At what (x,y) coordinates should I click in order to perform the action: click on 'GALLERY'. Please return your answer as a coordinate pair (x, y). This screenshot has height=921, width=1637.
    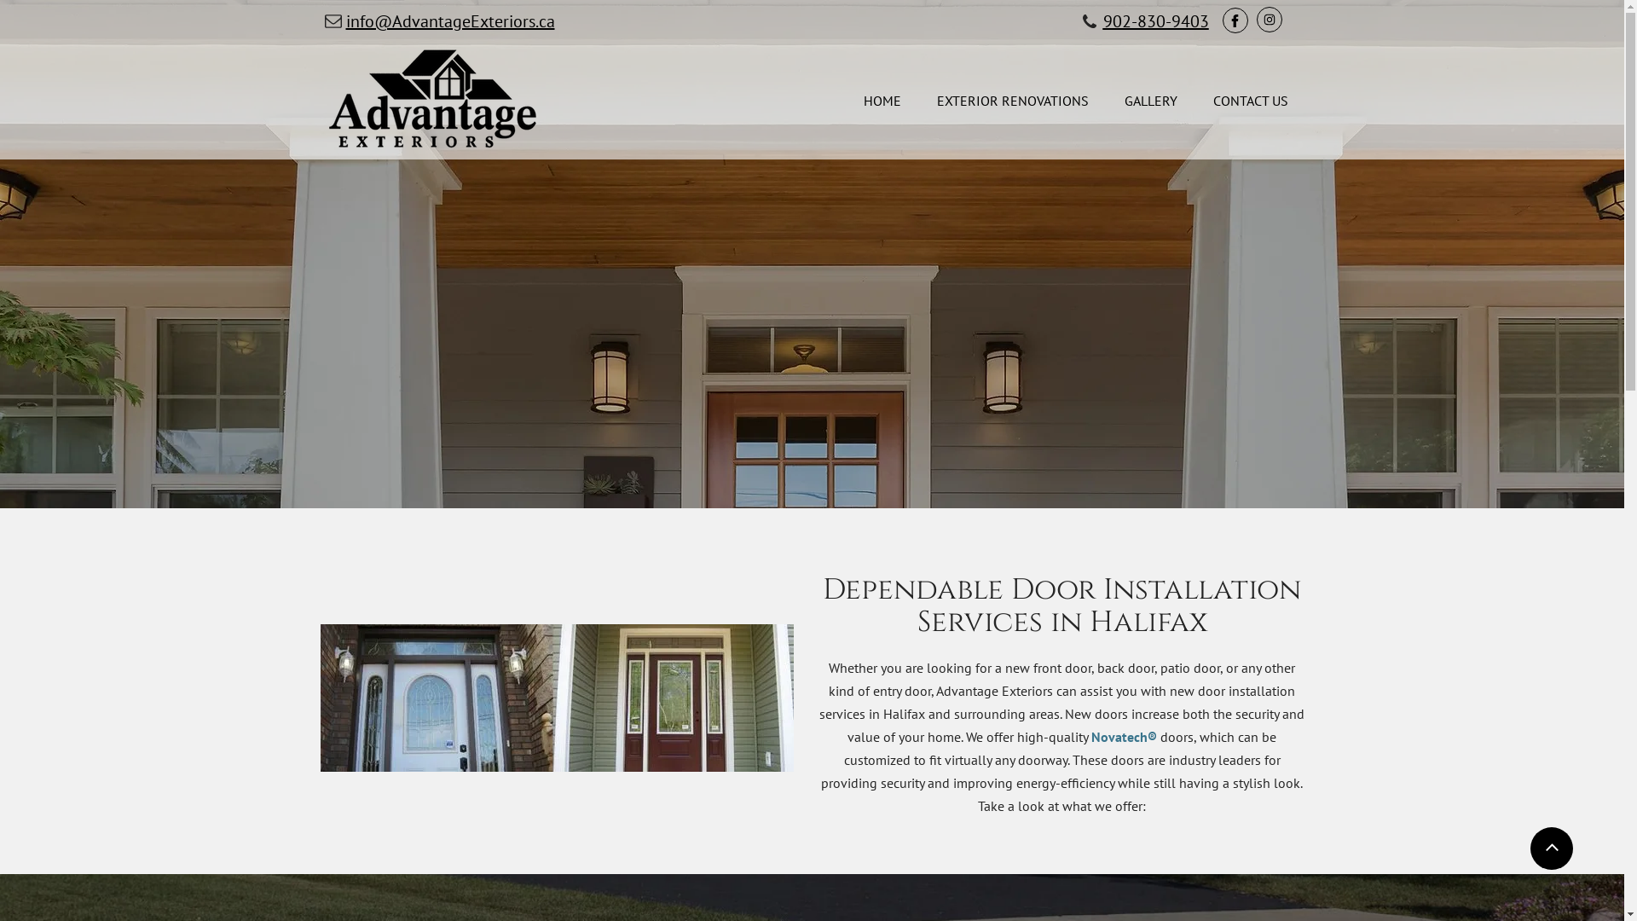
    Looking at the image, I should click on (1149, 101).